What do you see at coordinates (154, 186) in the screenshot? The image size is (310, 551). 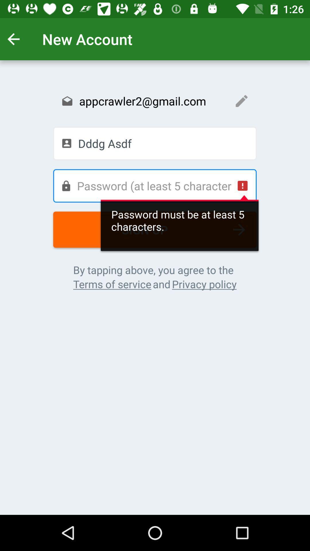 I see `password` at bounding box center [154, 186].